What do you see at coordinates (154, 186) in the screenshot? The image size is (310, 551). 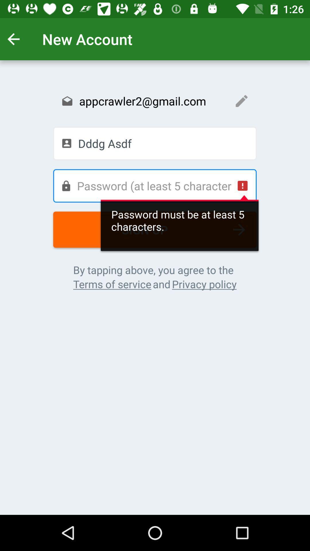 I see `password` at bounding box center [154, 186].